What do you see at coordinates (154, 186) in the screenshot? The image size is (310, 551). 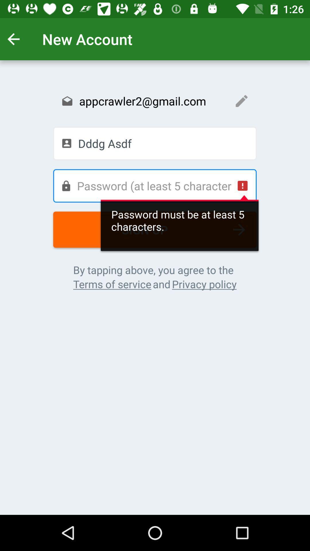 I see `password` at bounding box center [154, 186].